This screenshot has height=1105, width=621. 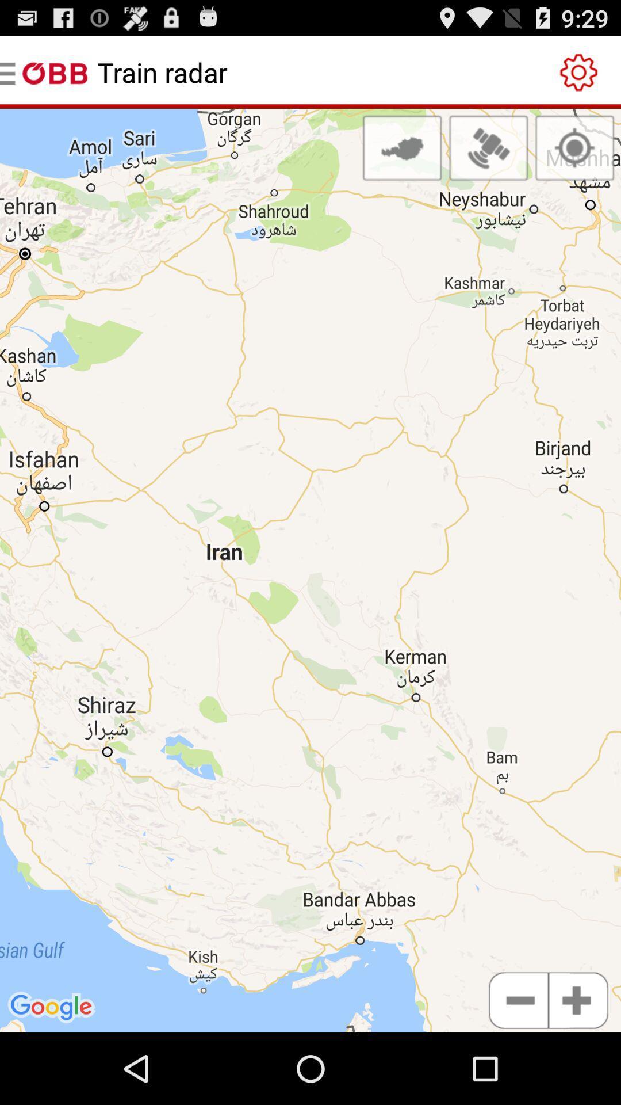 I want to click on icon at the top, so click(x=401, y=147).